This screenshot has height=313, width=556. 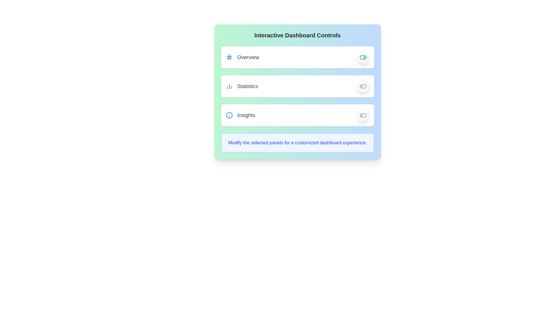 I want to click on the static informational text that reads 'Modify the selected panels for a customized dashboard experience.' positioned at the bottom of the 'Interactive Dashboard Controls' panel, so click(x=297, y=143).